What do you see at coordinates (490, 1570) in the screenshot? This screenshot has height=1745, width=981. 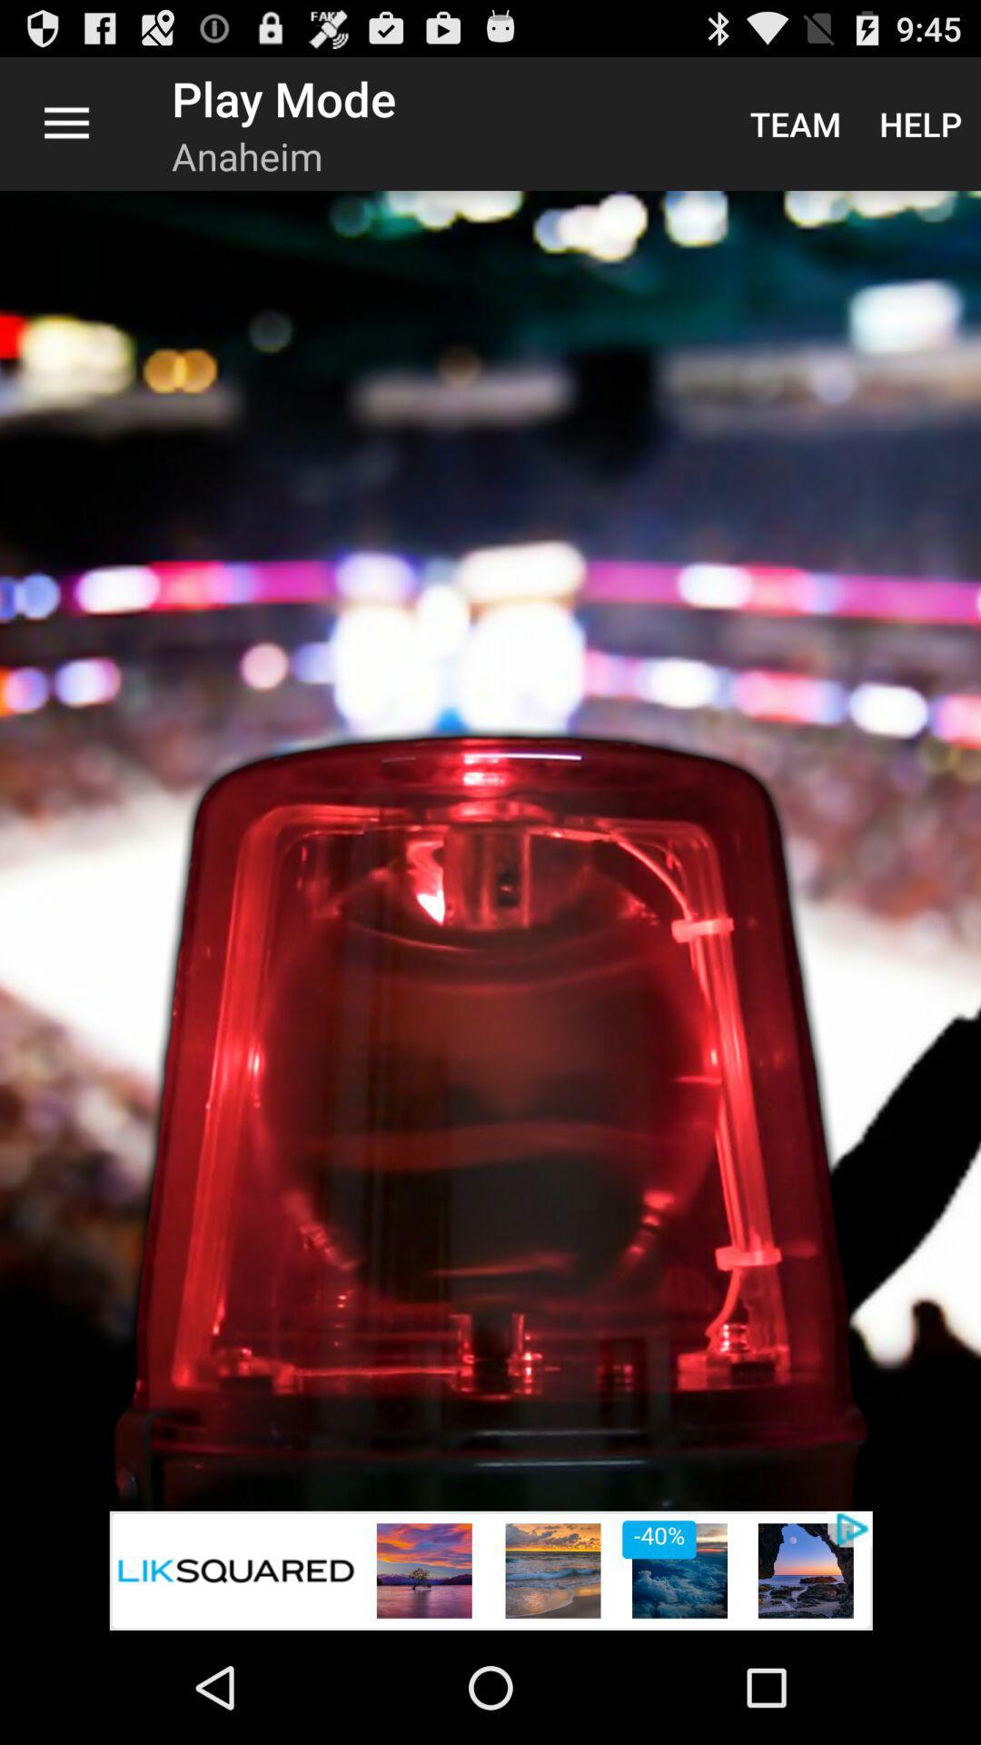 I see `advertisement company` at bounding box center [490, 1570].